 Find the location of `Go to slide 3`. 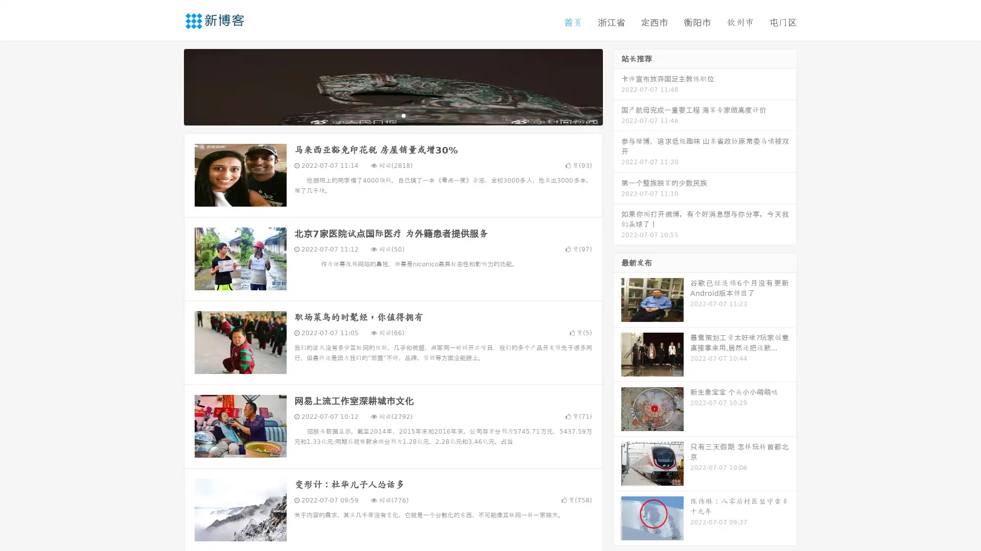

Go to slide 3 is located at coordinates (403, 115).